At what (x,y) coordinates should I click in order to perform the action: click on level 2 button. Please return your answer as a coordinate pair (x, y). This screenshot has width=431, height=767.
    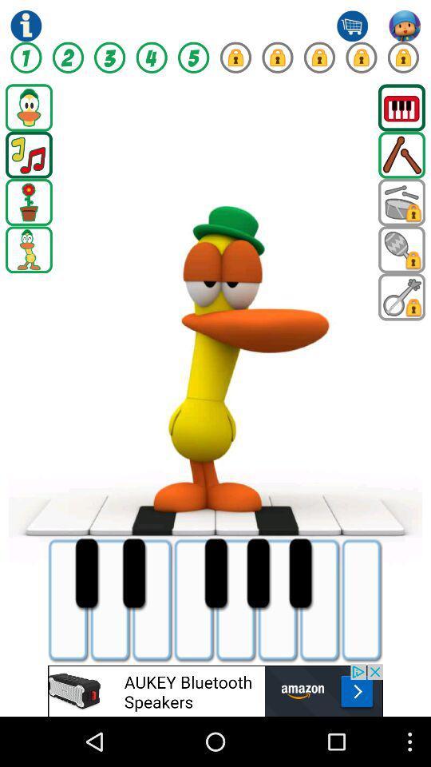
    Looking at the image, I should click on (67, 58).